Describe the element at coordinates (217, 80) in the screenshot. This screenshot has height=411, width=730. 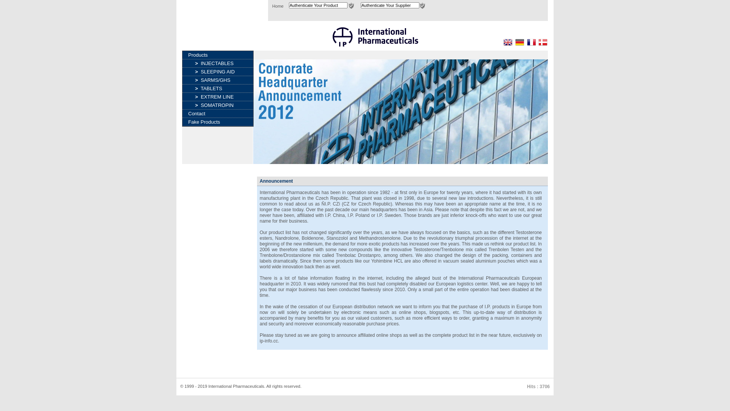
I see `'     >  SARMS/GHS'` at that location.